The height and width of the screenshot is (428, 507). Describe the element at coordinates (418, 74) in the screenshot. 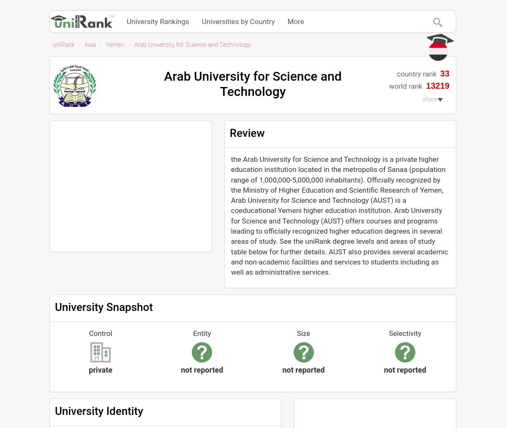

I see `'country rank'` at that location.